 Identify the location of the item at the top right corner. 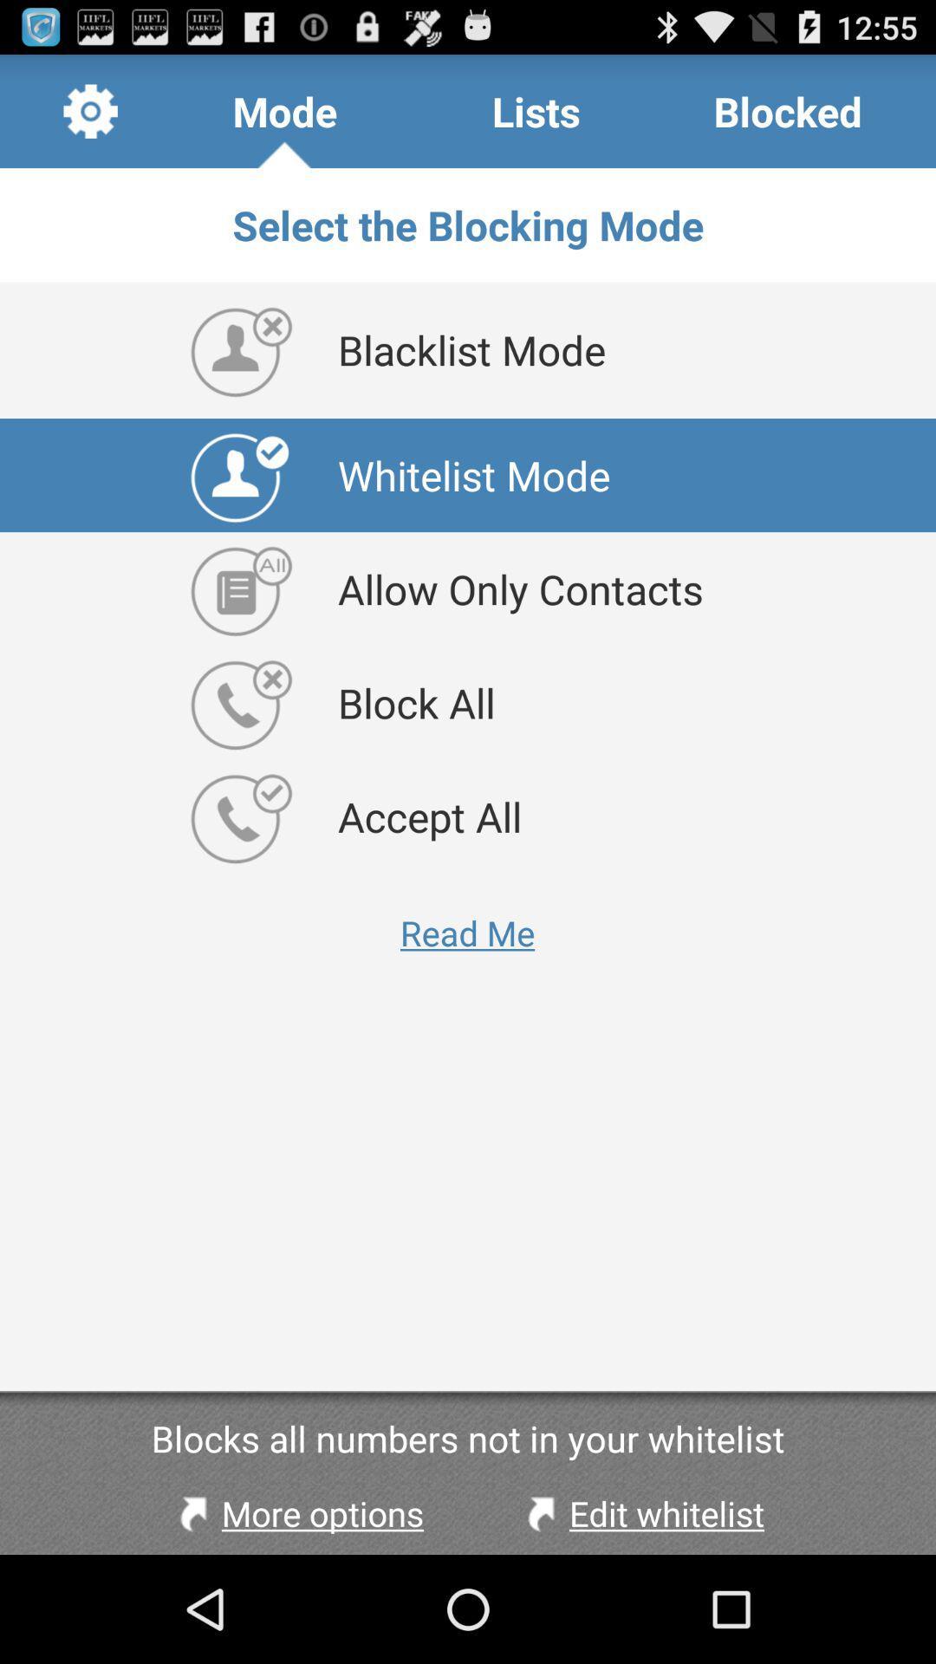
(788, 110).